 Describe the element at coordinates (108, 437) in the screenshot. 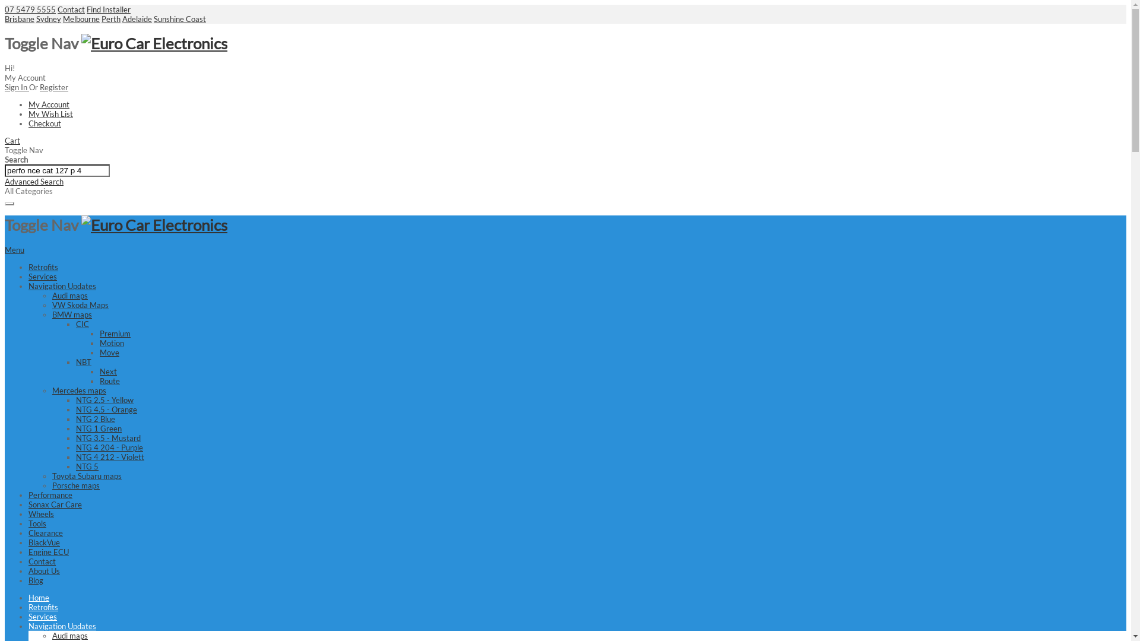

I see `'NTG 3.5 - Mustard'` at that location.